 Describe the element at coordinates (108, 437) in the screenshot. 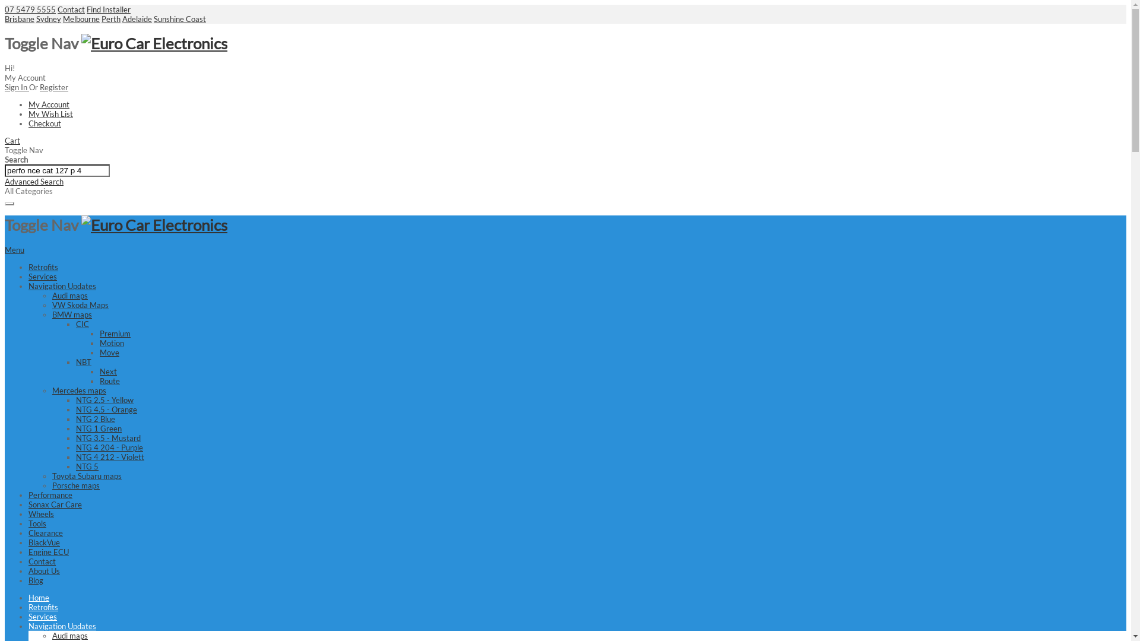

I see `'NTG 3.5 - Mustard'` at that location.